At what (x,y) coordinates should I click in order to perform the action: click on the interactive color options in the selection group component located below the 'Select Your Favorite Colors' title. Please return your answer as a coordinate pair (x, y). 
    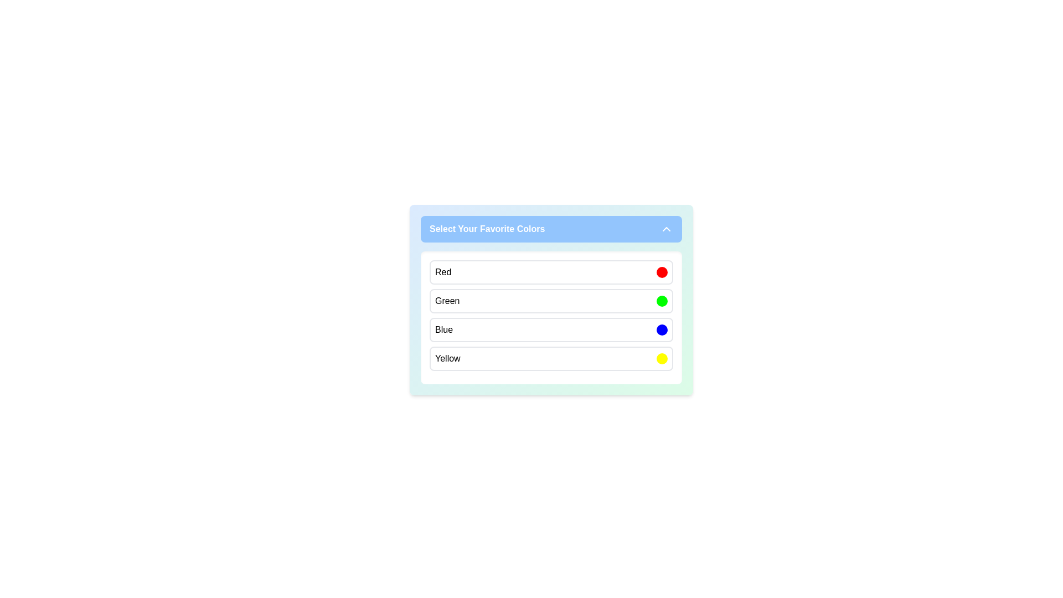
    Looking at the image, I should click on (551, 318).